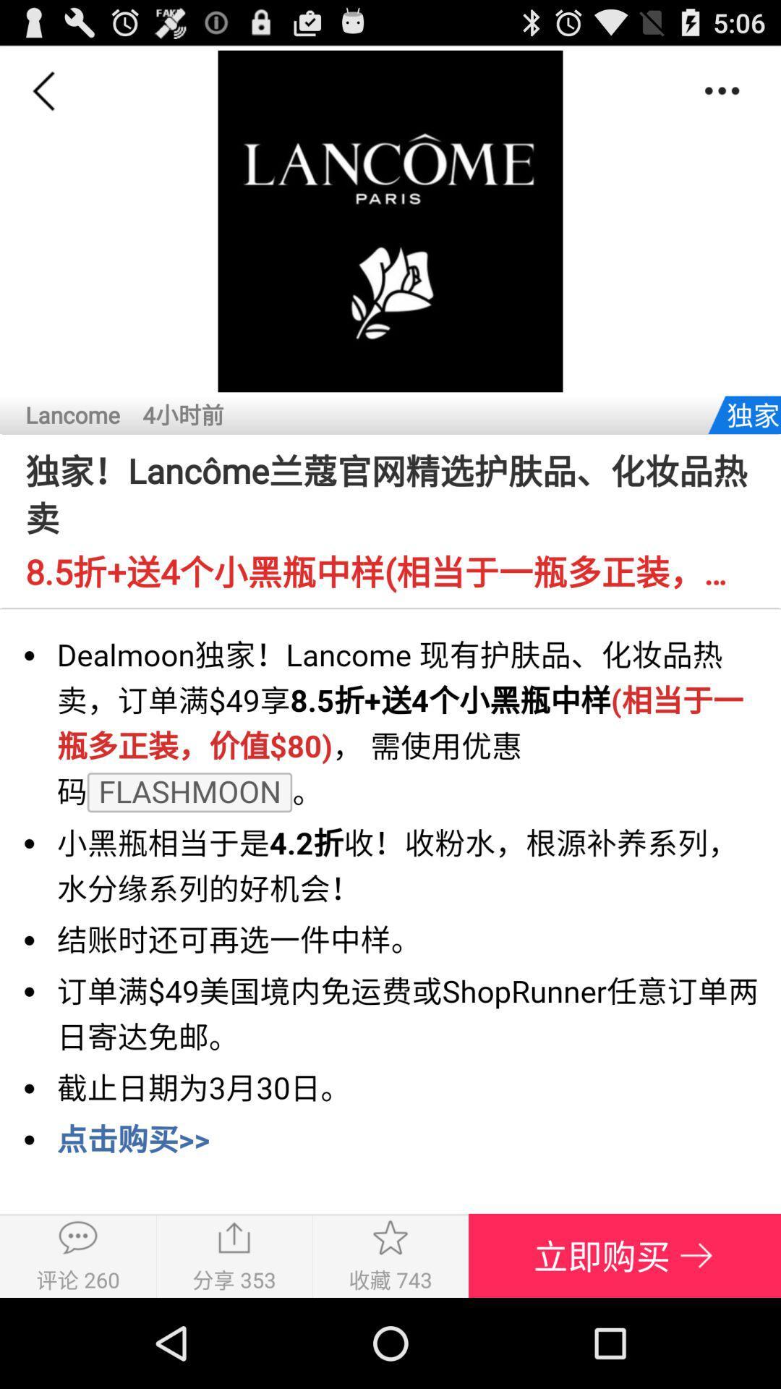  I want to click on the arrow_backward icon, so click(43, 96).